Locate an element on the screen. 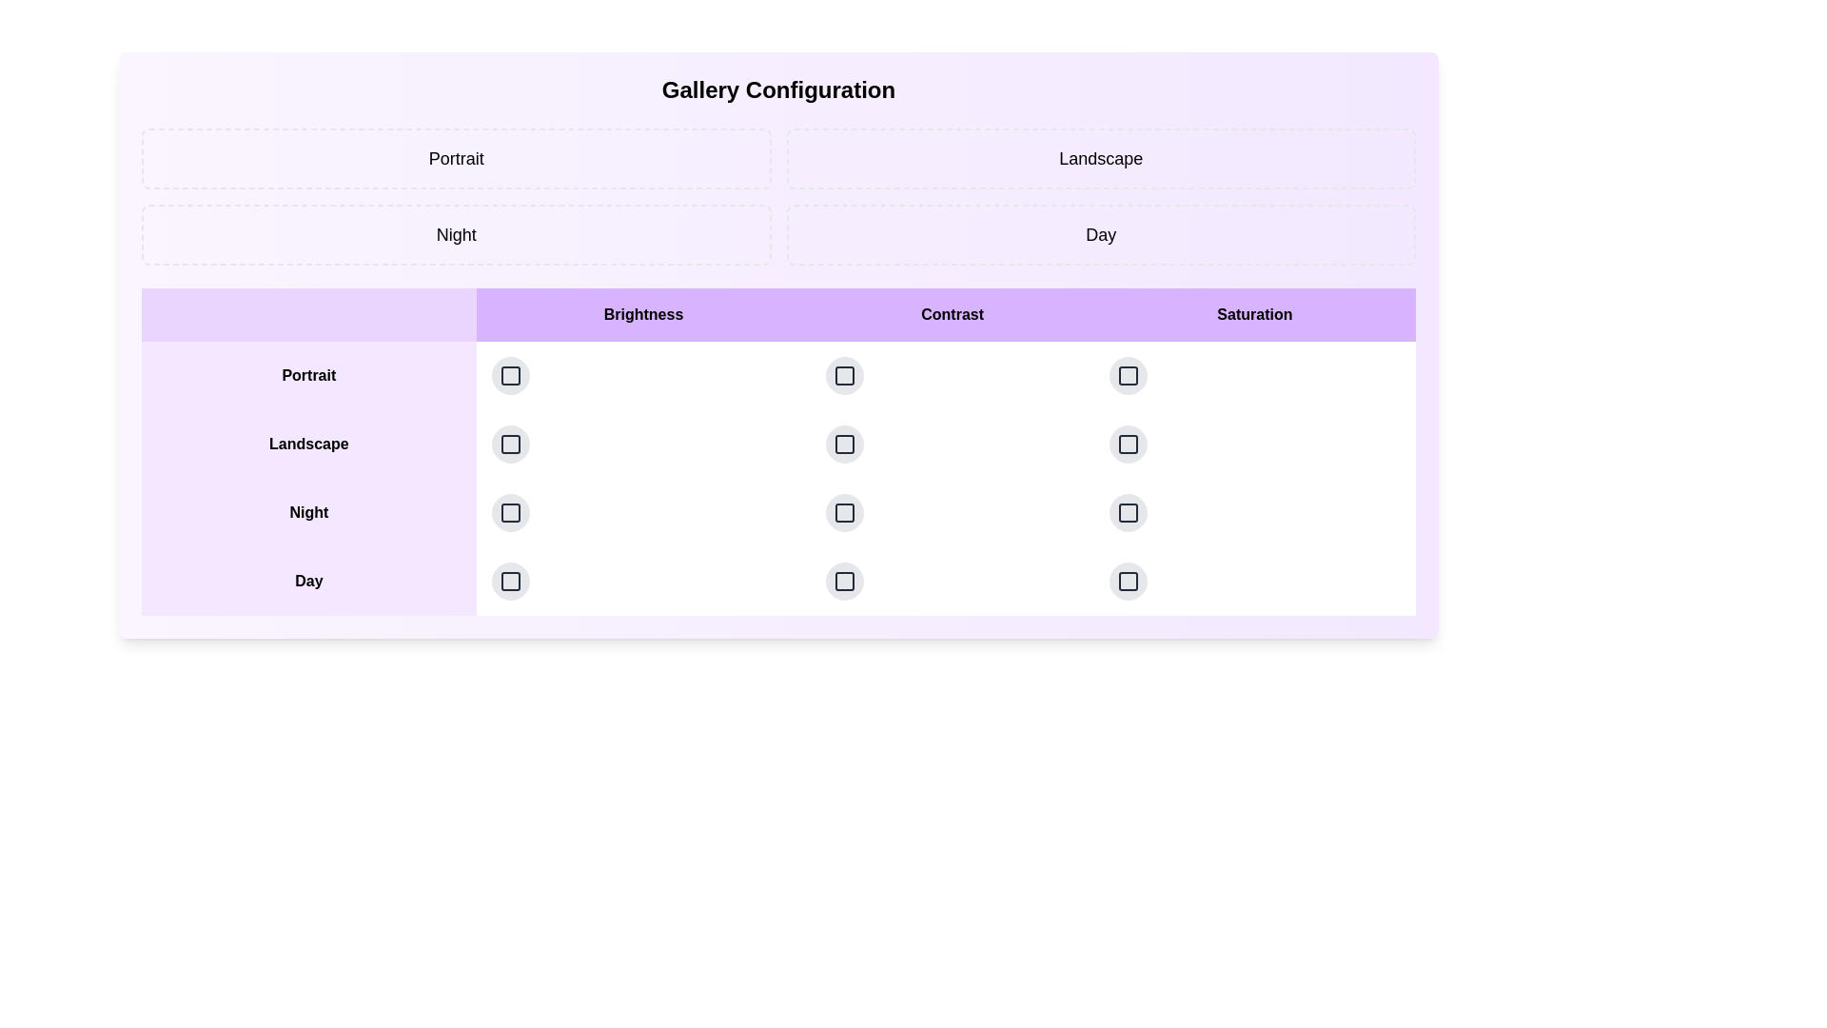  the button is located at coordinates (643, 580).